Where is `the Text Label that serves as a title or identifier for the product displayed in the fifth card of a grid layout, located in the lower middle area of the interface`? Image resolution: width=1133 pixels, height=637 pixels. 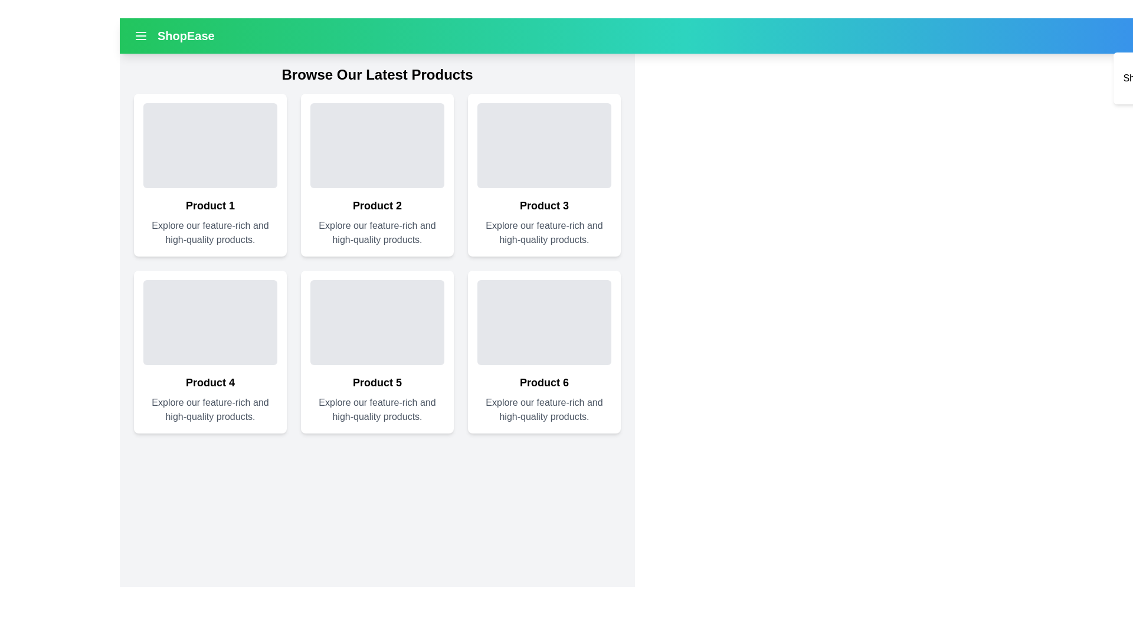
the Text Label that serves as a title or identifier for the product displayed in the fifth card of a grid layout, located in the lower middle area of the interface is located at coordinates (376, 382).